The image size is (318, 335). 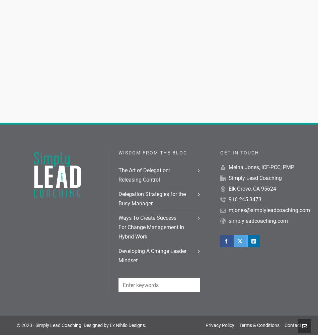 What do you see at coordinates (152, 198) in the screenshot?
I see `'Delegation Strategies for the Busy Manager'` at bounding box center [152, 198].